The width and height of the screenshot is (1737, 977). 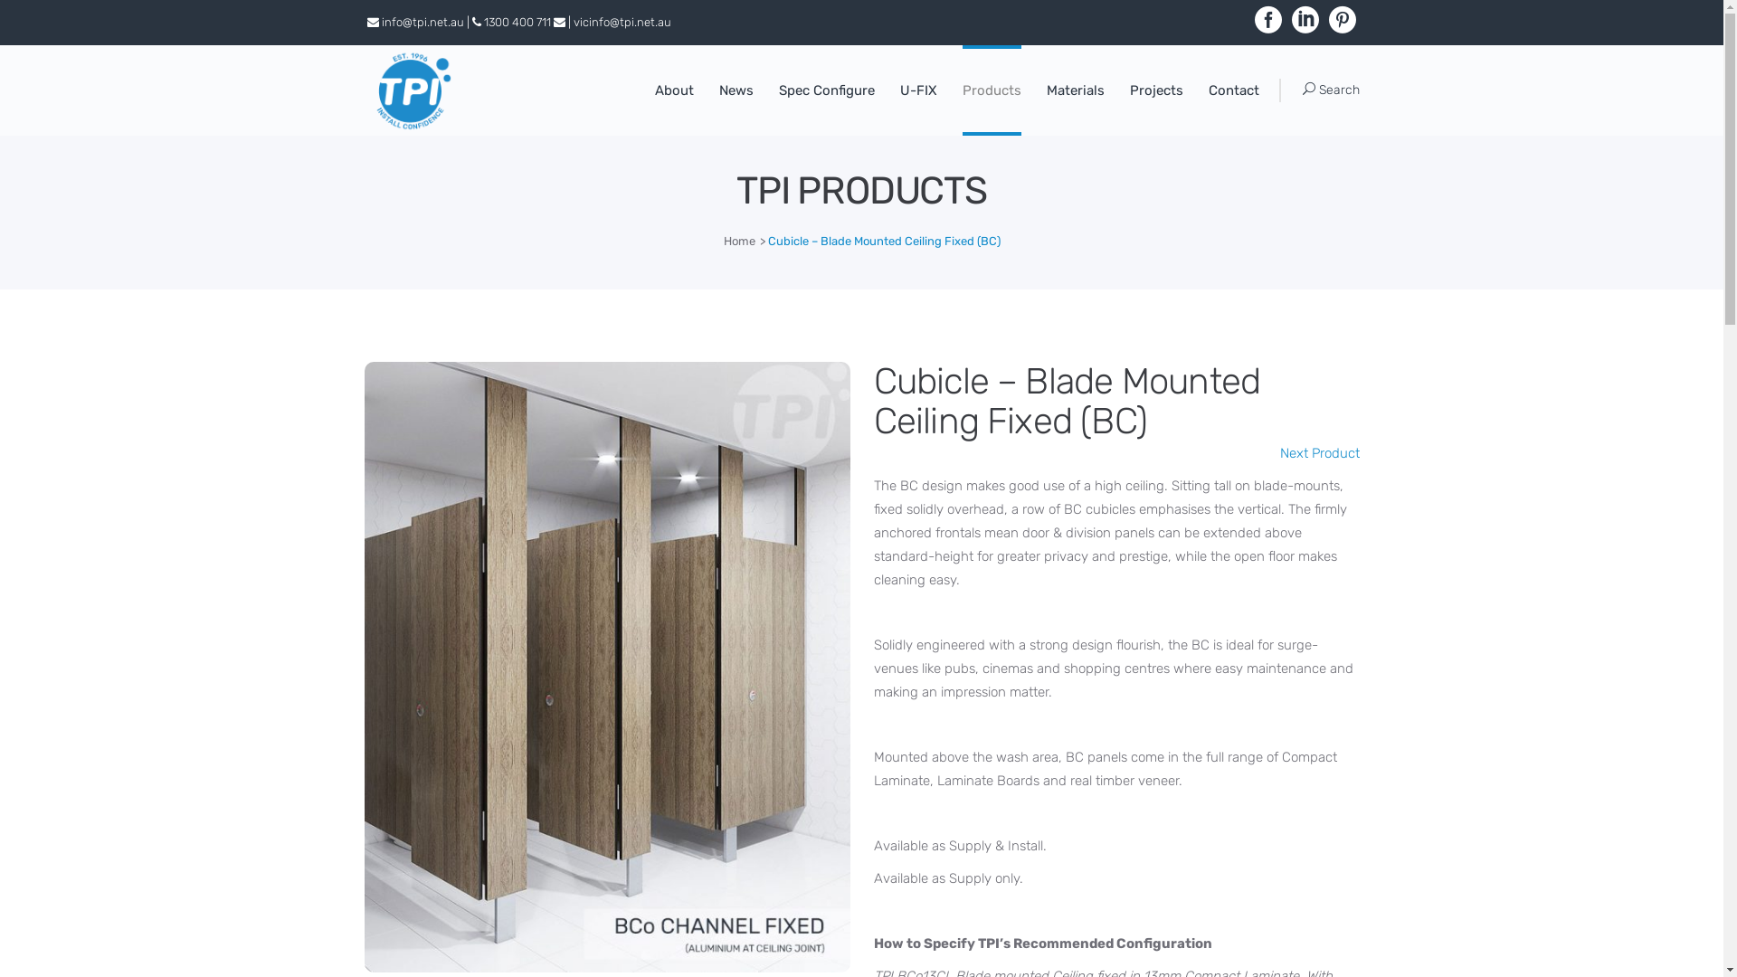 I want to click on 'Contact', so click(x=1195, y=90).